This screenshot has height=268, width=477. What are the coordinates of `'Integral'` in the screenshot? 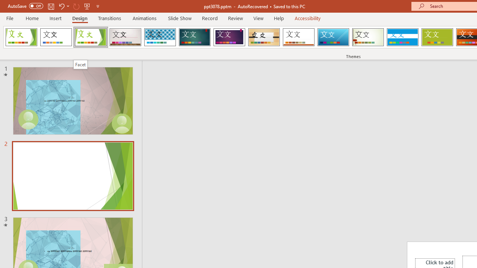 It's located at (159, 37).